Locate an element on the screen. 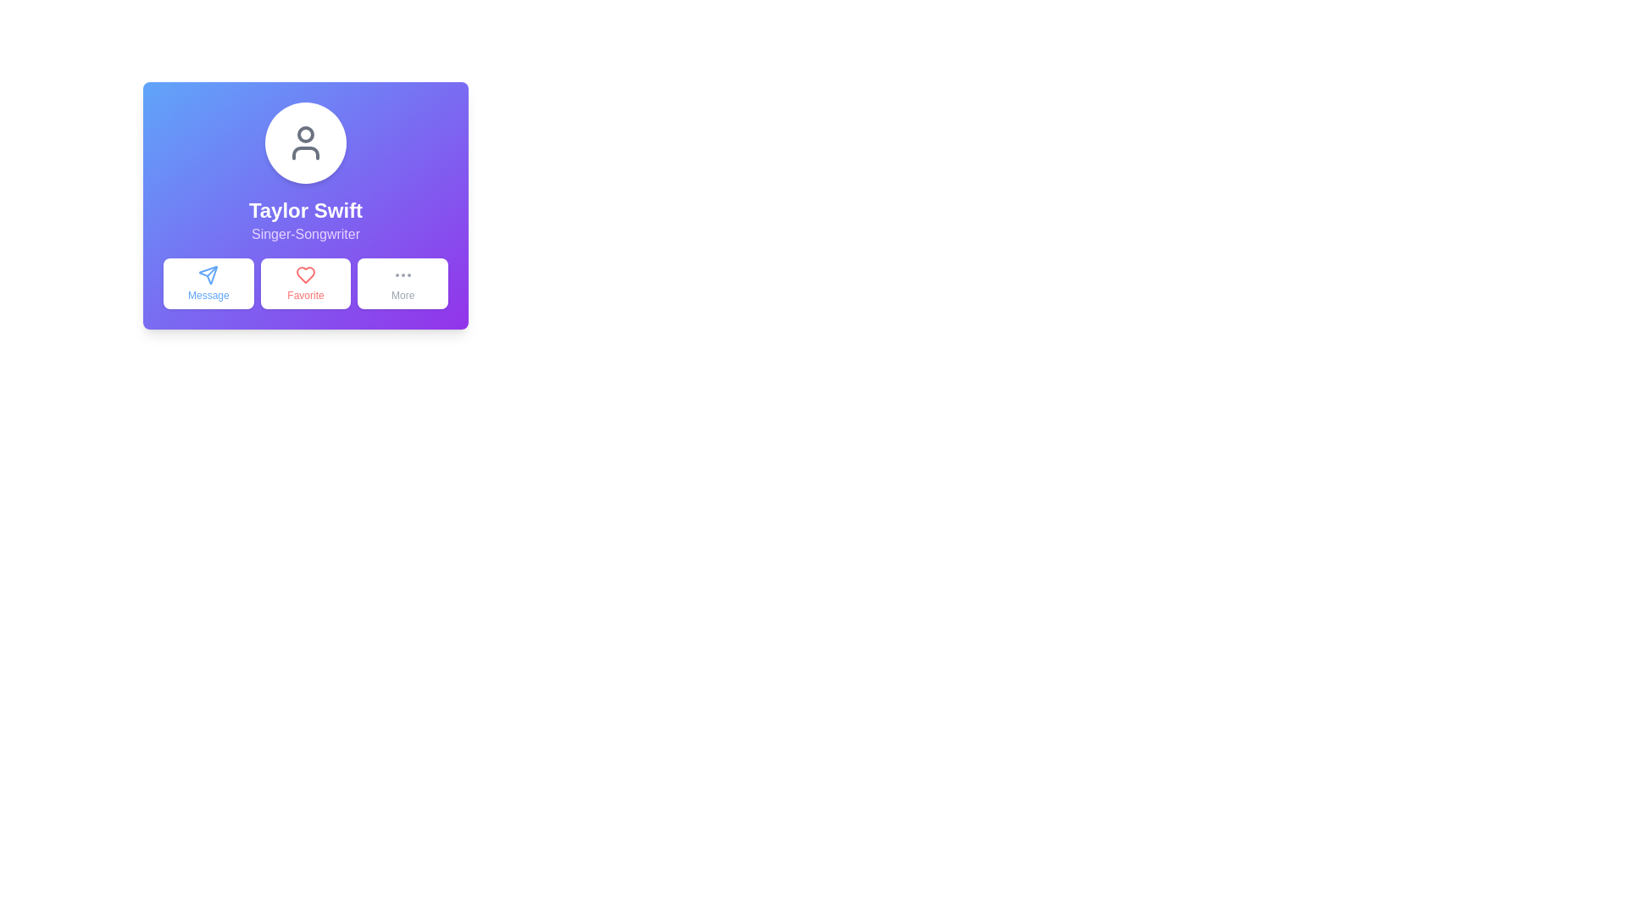 This screenshot has width=1627, height=915. the header text displaying 'Taylor Swift' in bold white font, which is positioned below the circular avatar icon and above the smaller description text on a gradient purple background is located at coordinates (305, 210).